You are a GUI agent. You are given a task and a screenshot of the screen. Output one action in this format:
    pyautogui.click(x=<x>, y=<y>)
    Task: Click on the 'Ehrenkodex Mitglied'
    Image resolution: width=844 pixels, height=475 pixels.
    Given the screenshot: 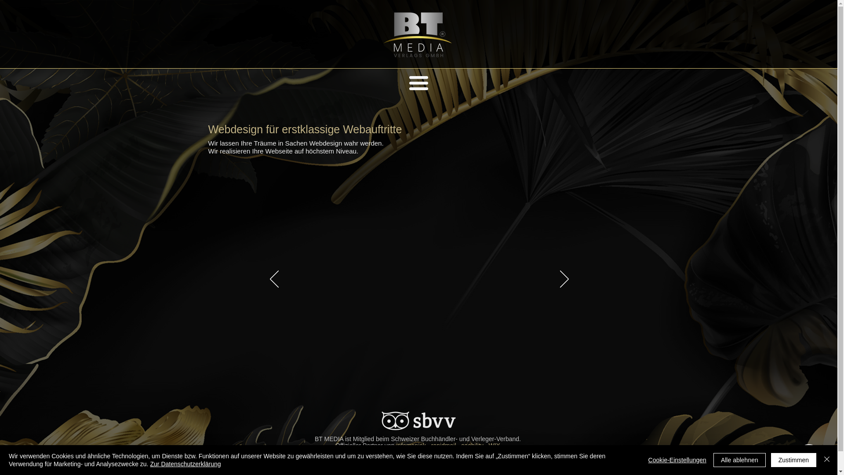 What is the action you would take?
    pyautogui.click(x=425, y=453)
    